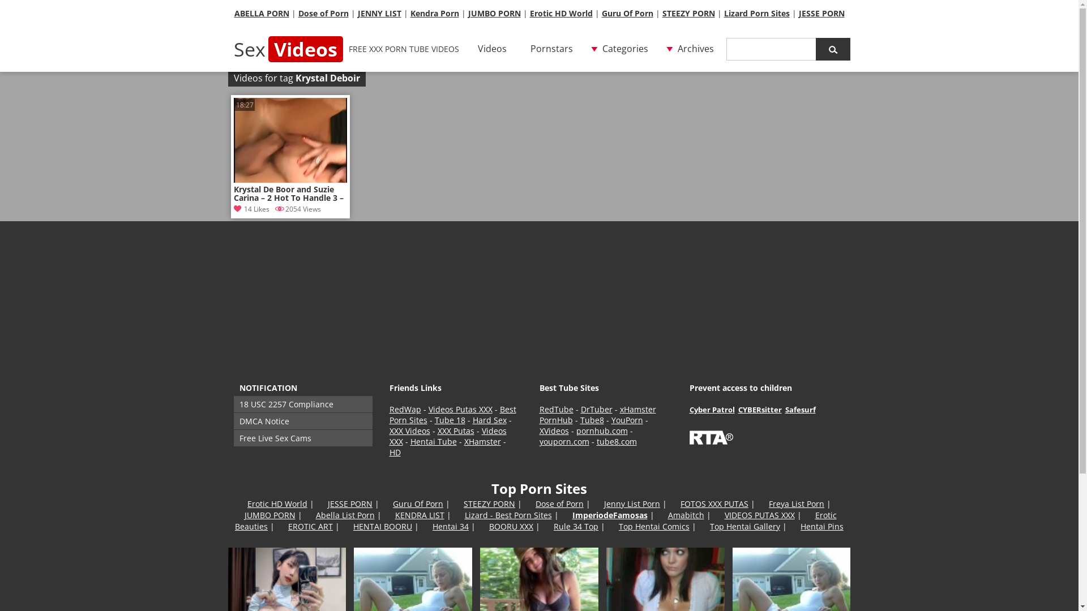 The width and height of the screenshot is (1087, 611). Describe the element at coordinates (436, 431) in the screenshot. I see `'XXX Putas'` at that location.